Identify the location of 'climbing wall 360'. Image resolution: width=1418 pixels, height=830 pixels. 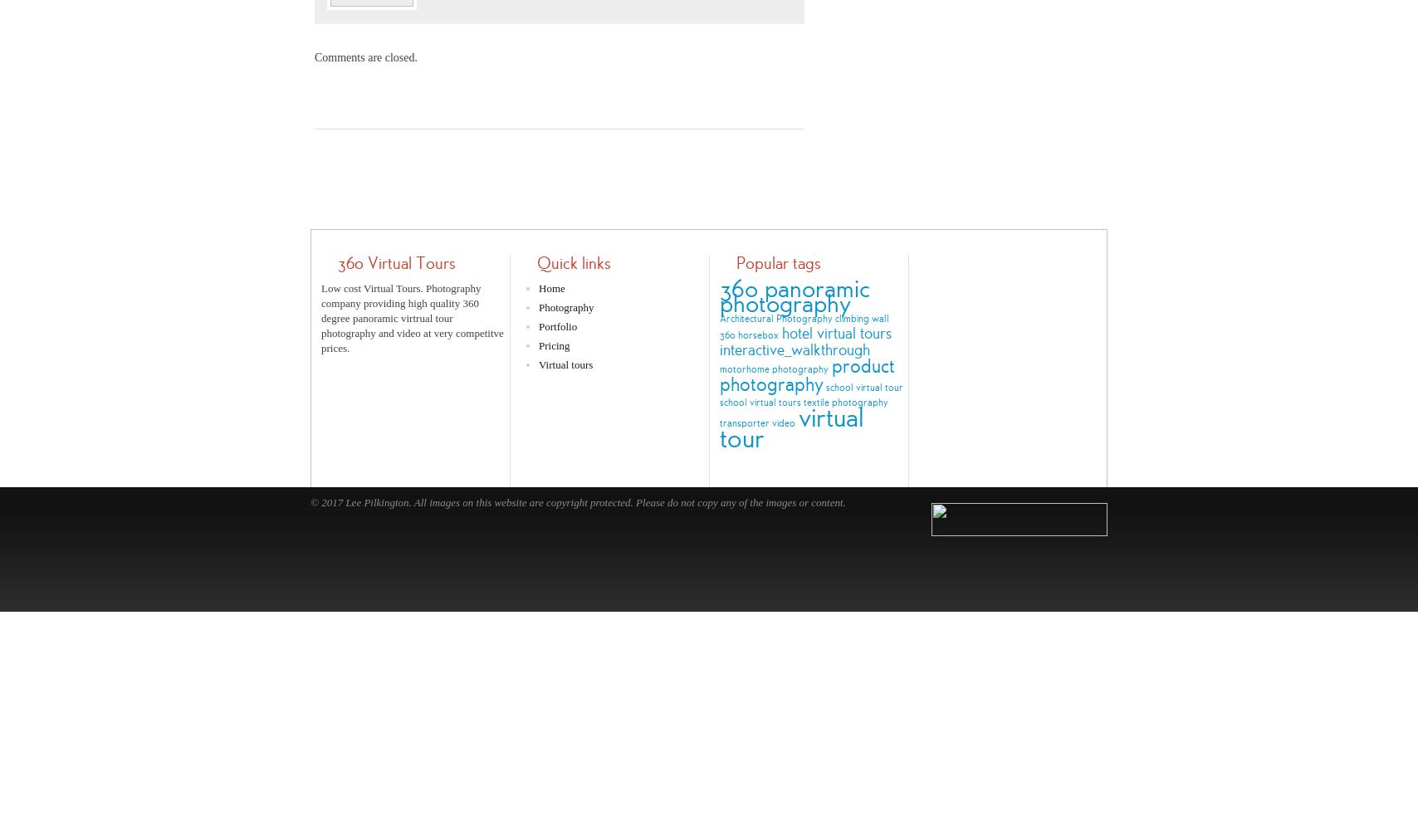
(803, 326).